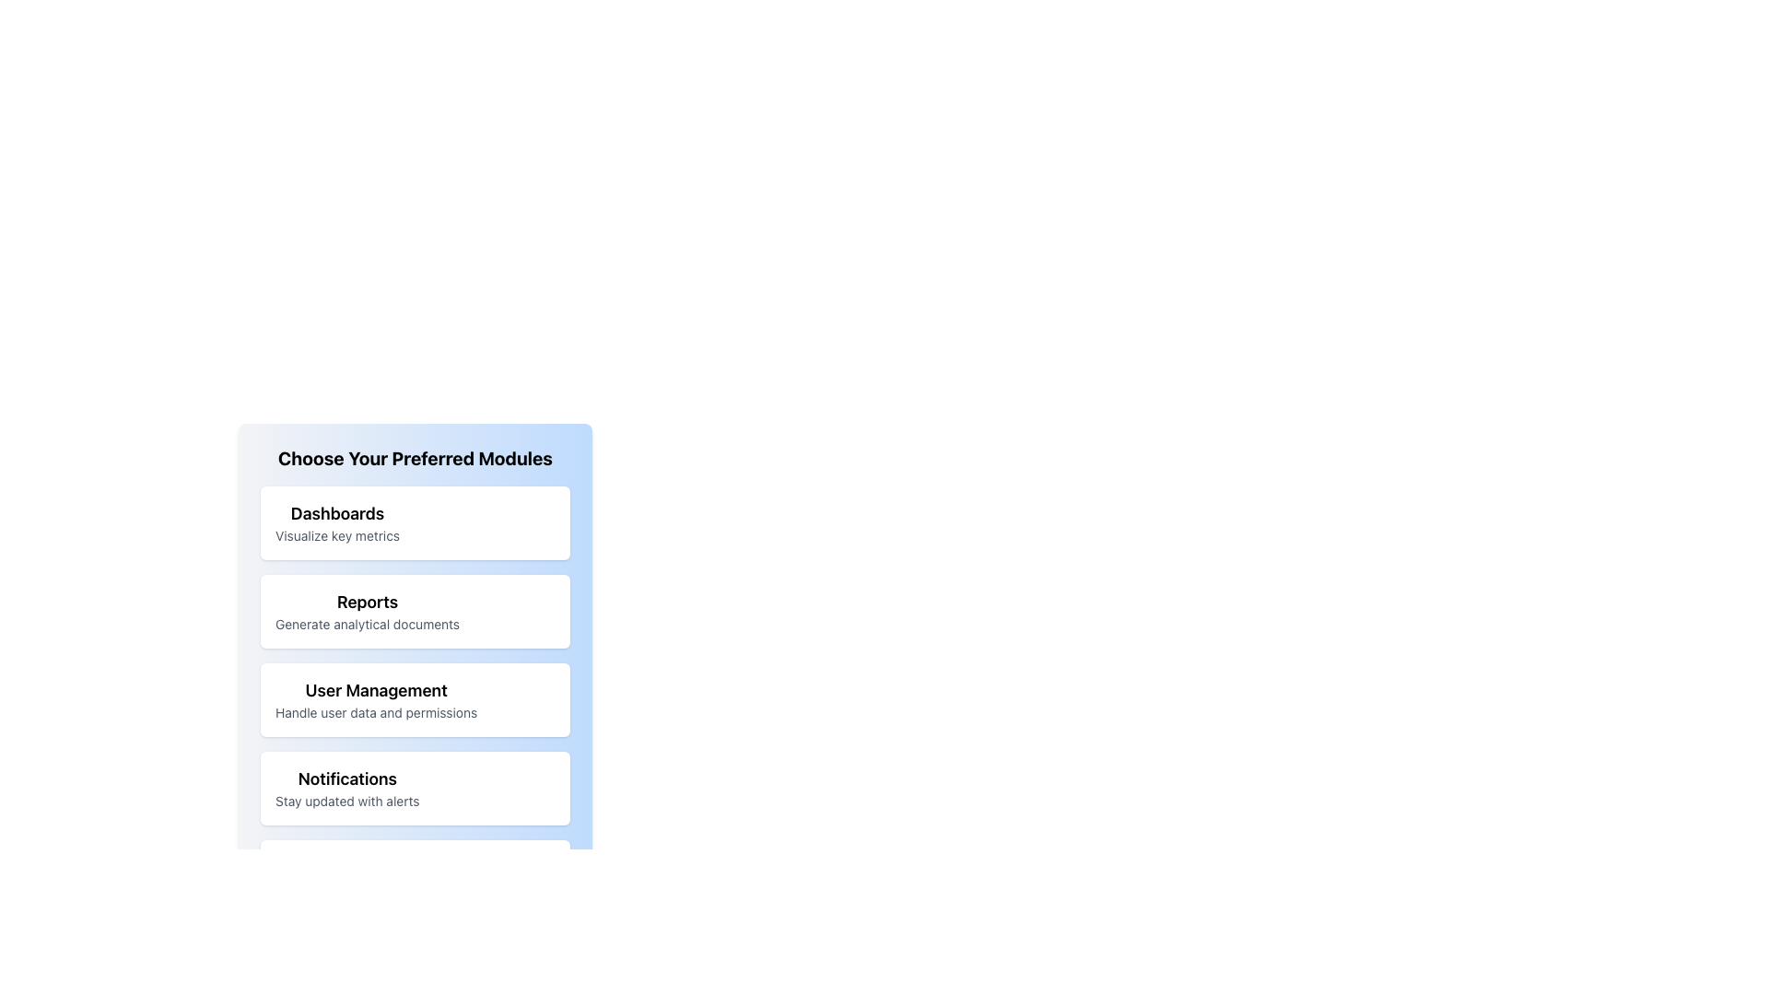  I want to click on the 'User Management' informational card, so click(375, 699).